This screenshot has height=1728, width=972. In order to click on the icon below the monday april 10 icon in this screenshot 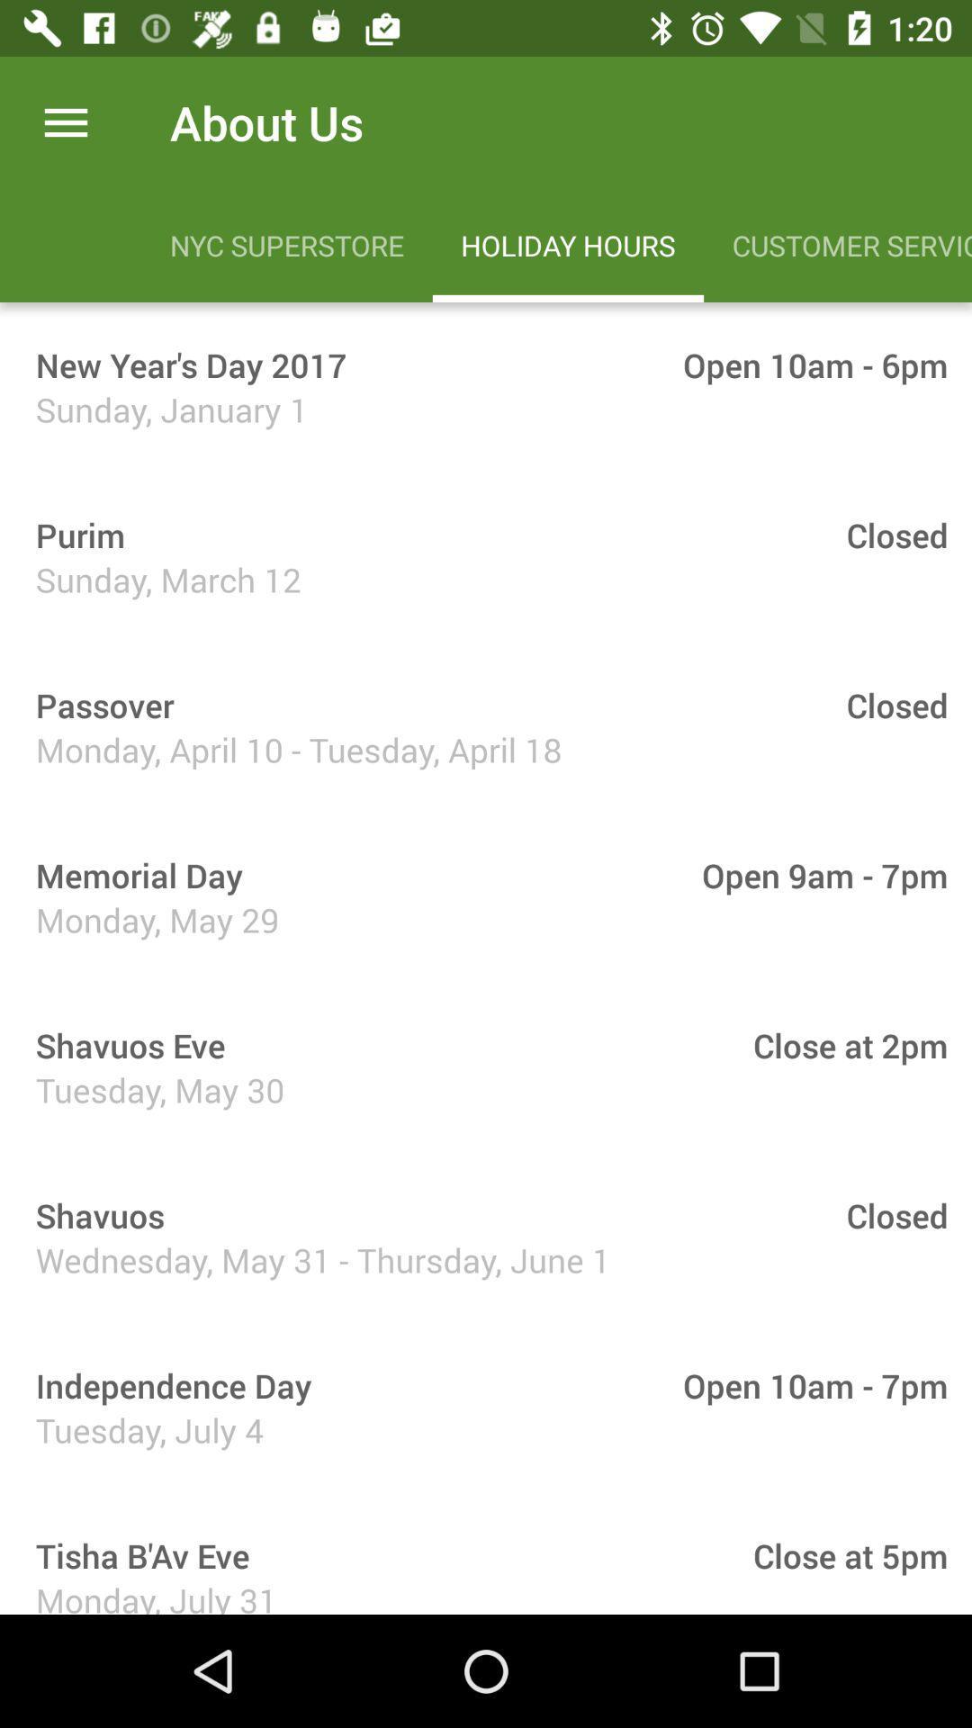, I will do `click(132, 875)`.